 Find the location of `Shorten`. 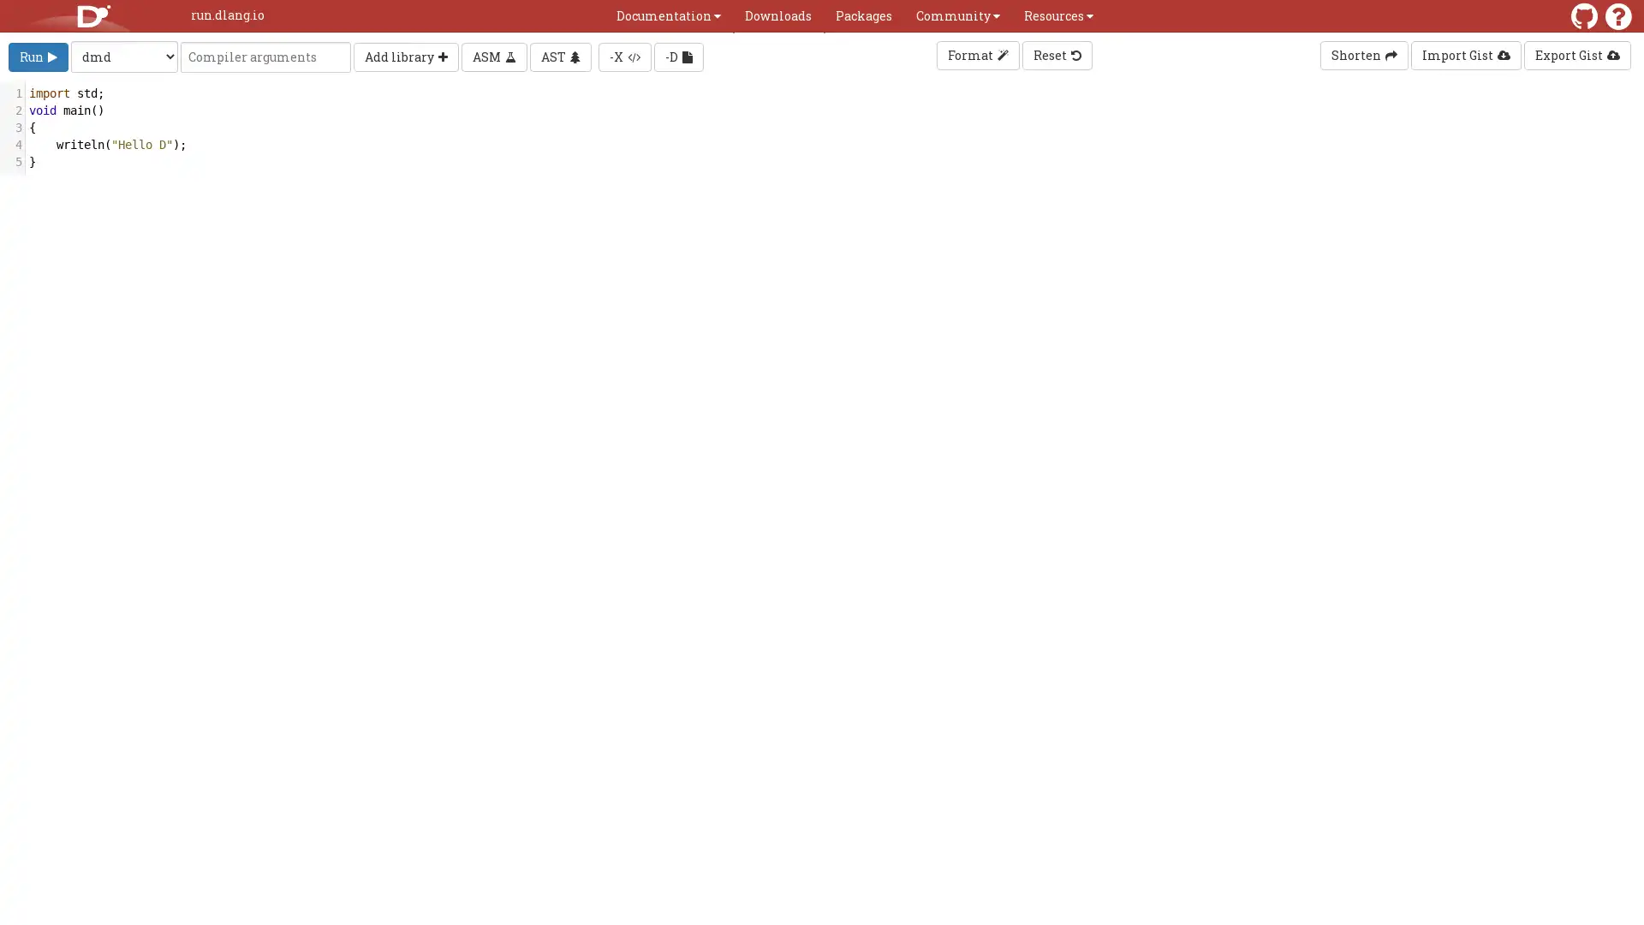

Shorten is located at coordinates (1363, 55).